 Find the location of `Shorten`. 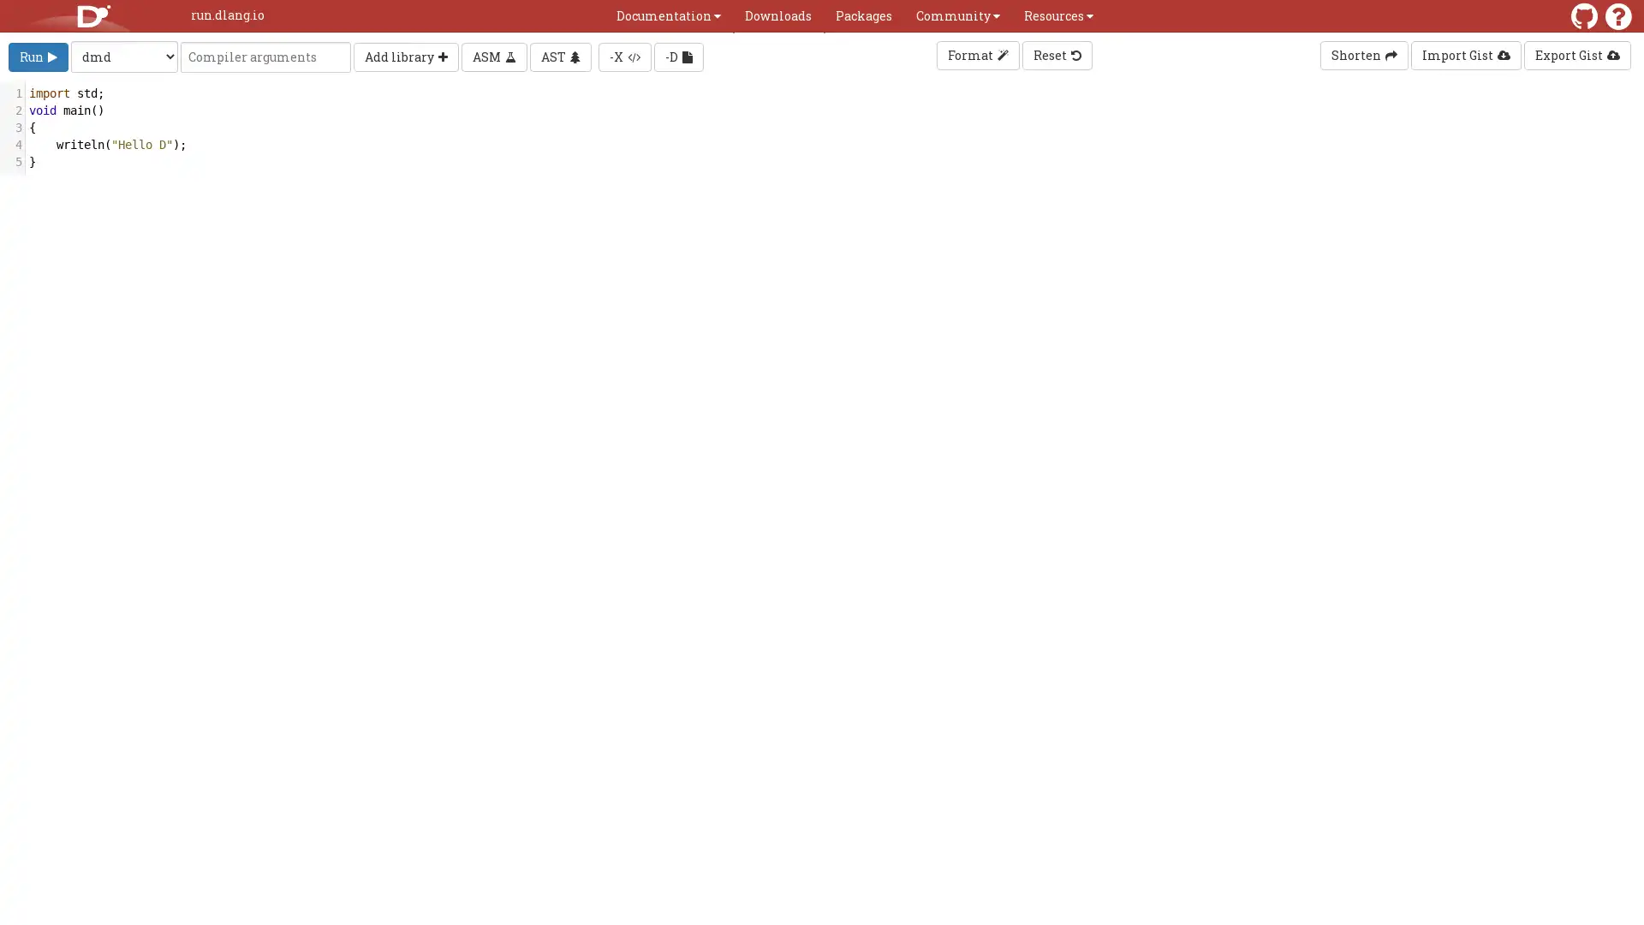

Shorten is located at coordinates (1363, 55).